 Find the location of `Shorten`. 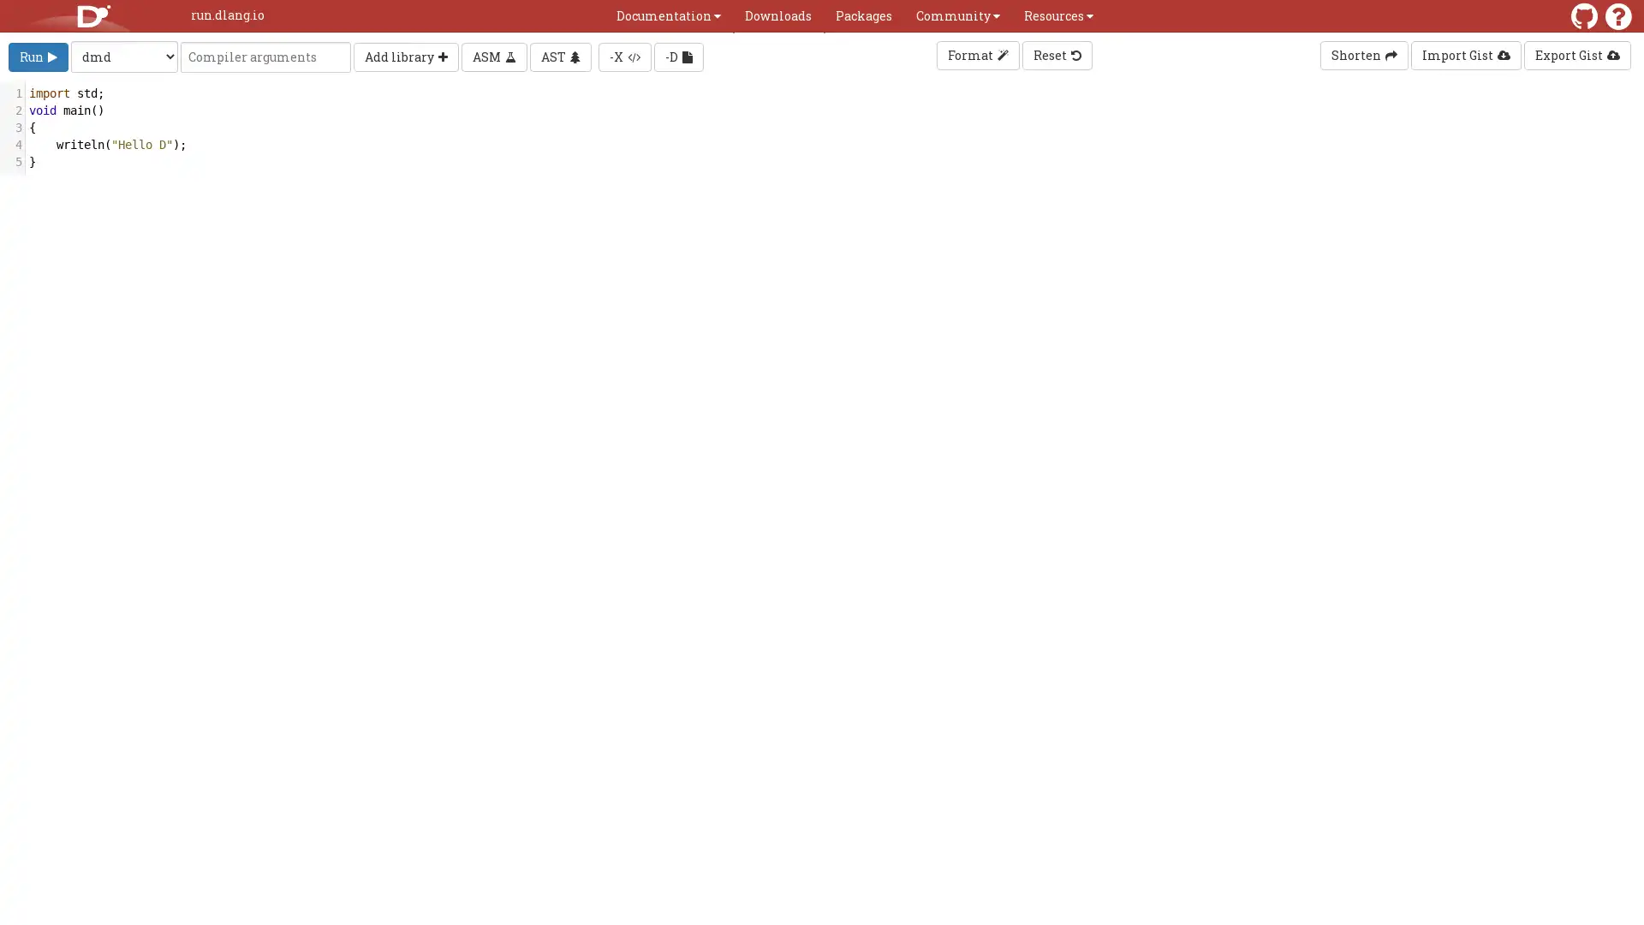

Shorten is located at coordinates (1363, 55).